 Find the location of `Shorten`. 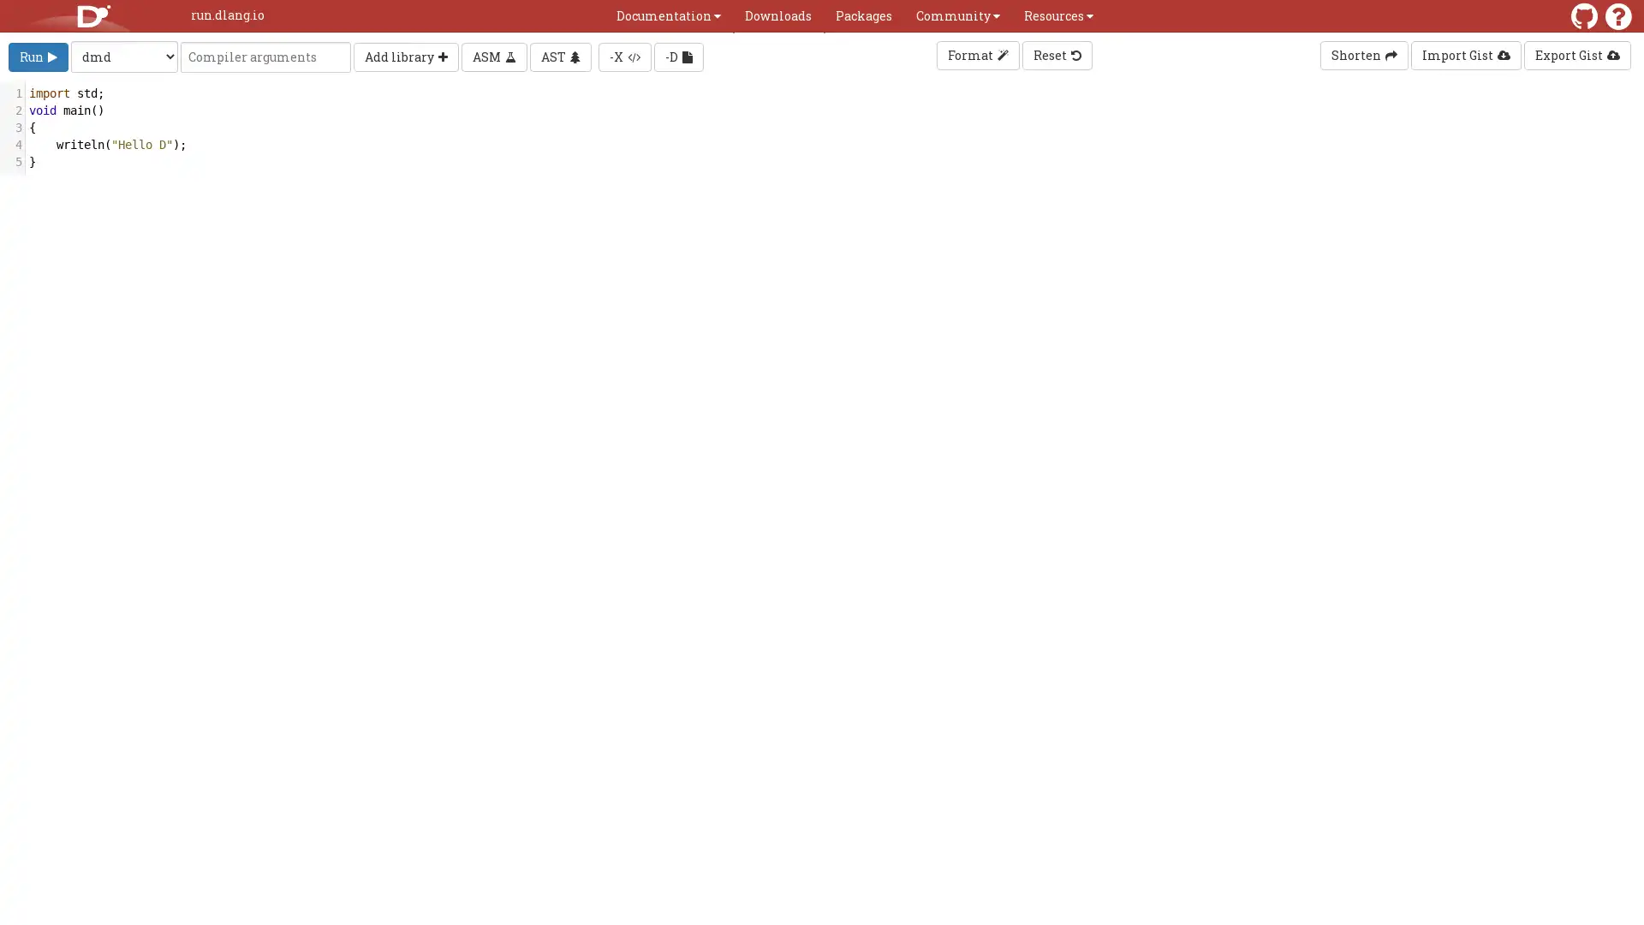

Shorten is located at coordinates (1363, 55).